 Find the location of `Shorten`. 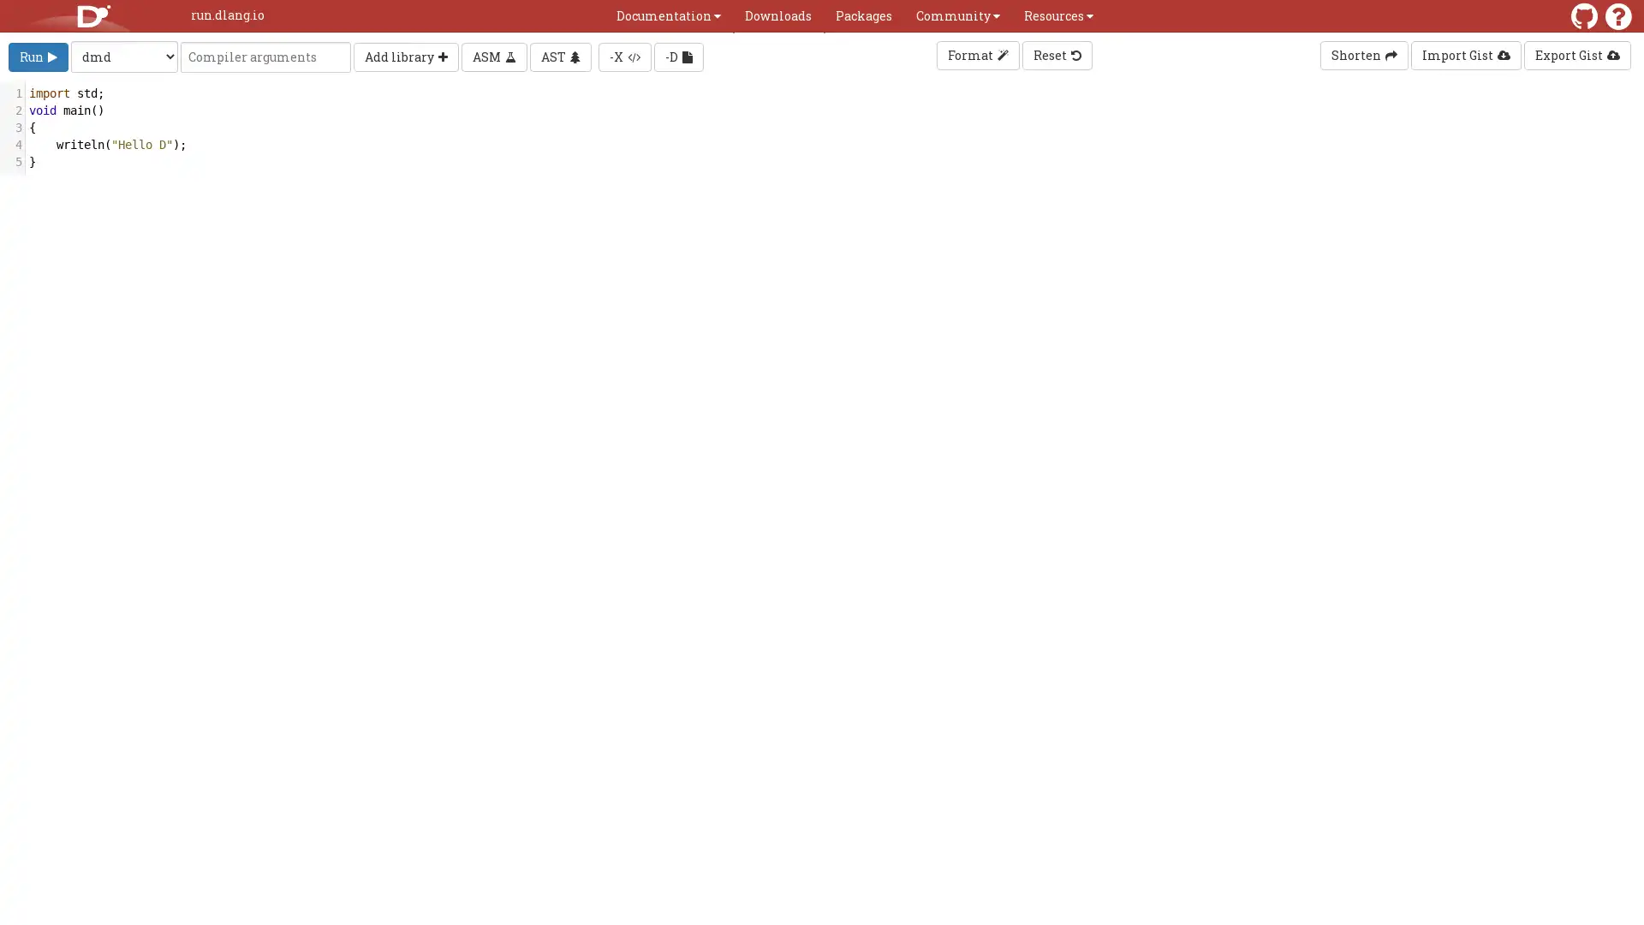

Shorten is located at coordinates (1363, 55).